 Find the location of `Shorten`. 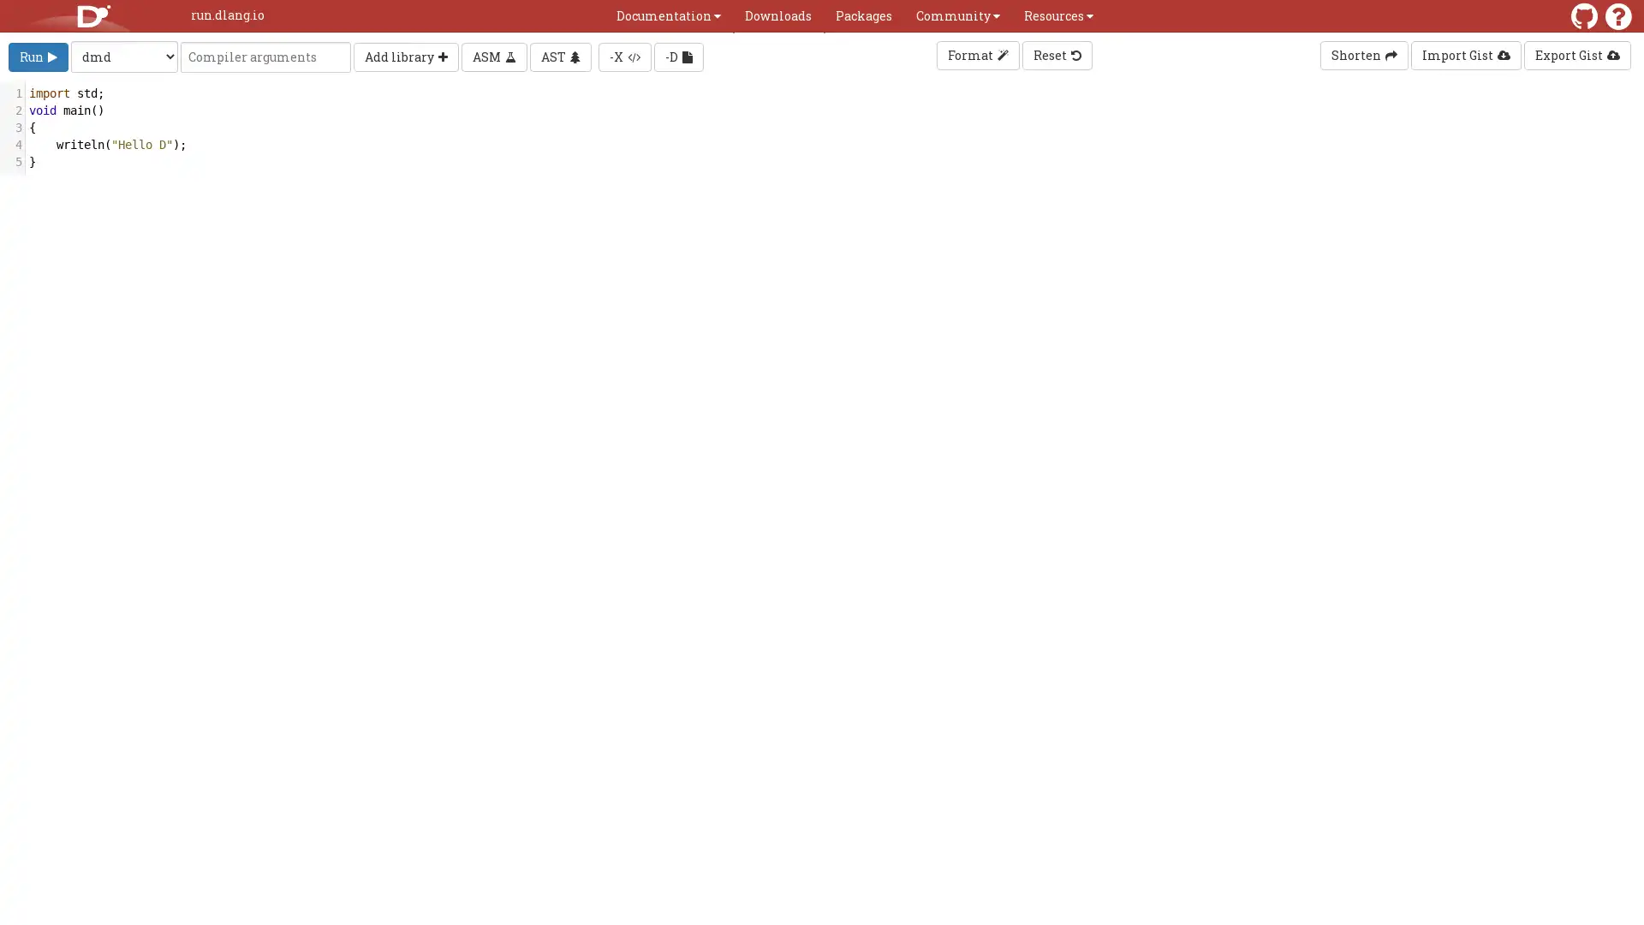

Shorten is located at coordinates (1363, 55).